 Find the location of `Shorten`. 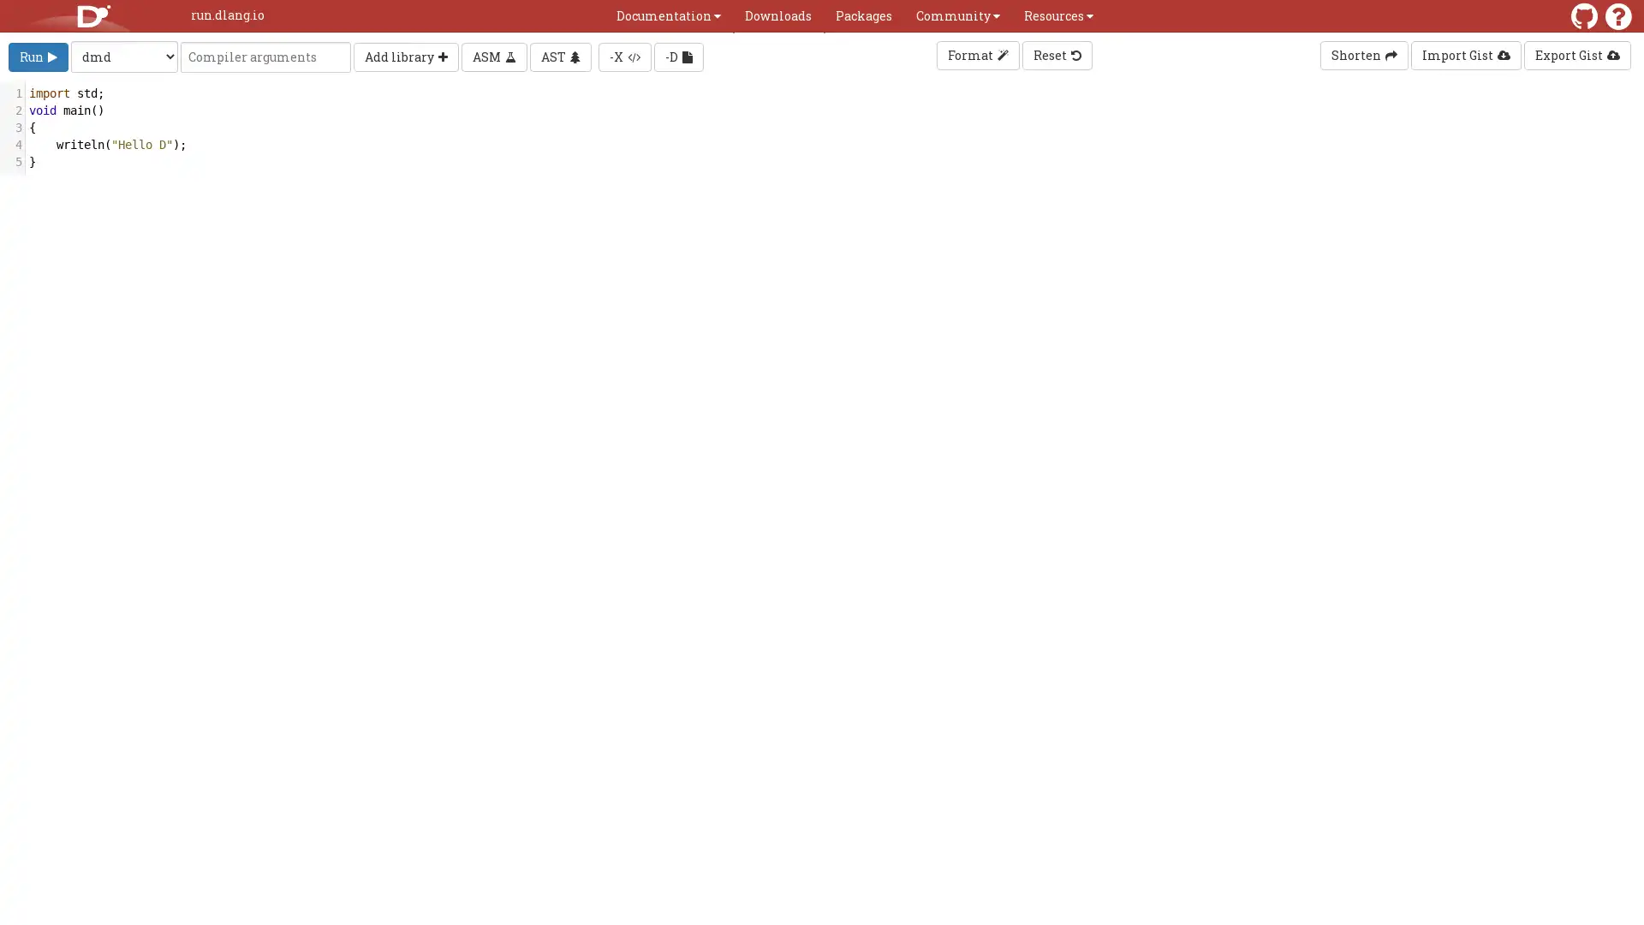

Shorten is located at coordinates (1363, 55).